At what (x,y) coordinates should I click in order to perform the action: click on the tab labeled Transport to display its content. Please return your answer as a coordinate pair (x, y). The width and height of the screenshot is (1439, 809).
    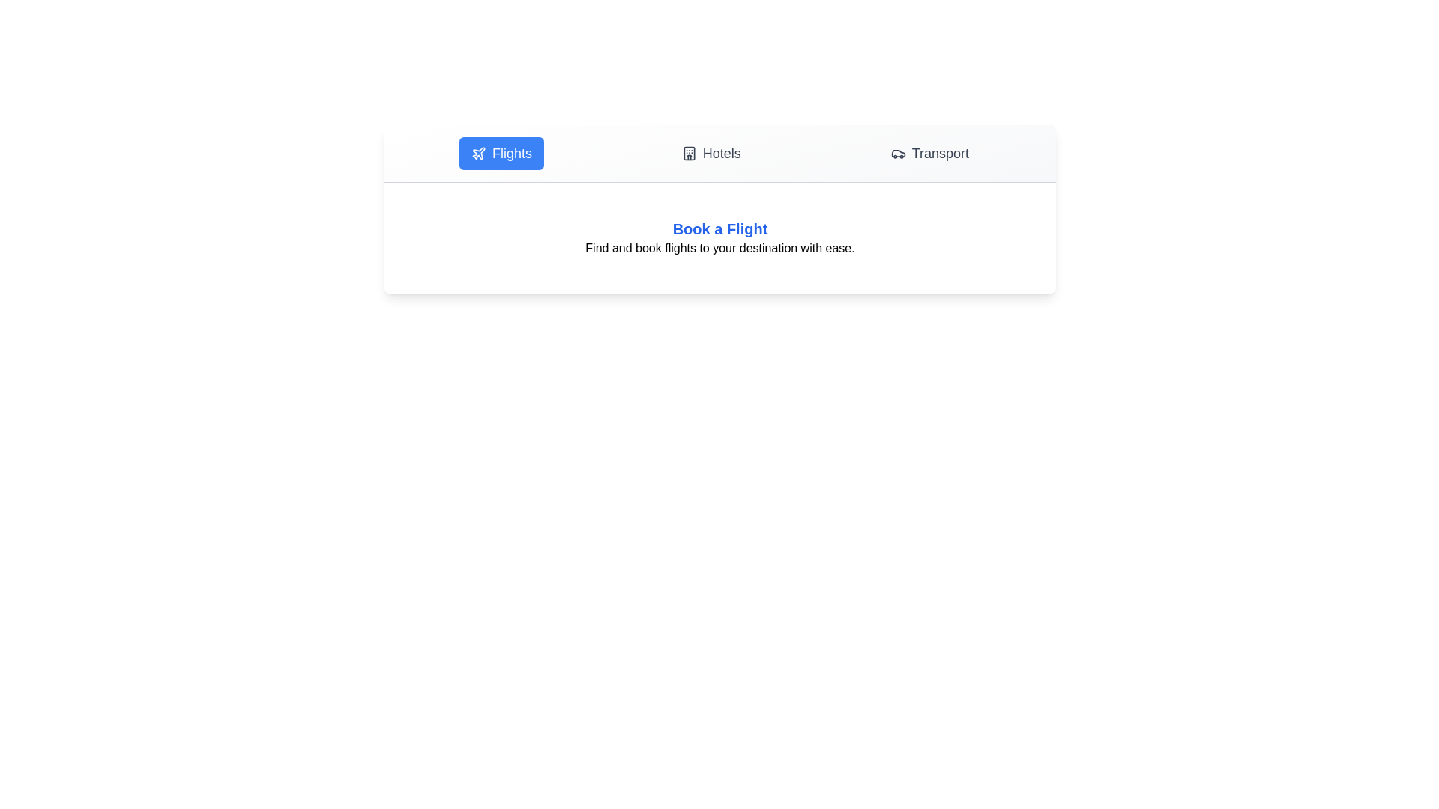
    Looking at the image, I should click on (929, 153).